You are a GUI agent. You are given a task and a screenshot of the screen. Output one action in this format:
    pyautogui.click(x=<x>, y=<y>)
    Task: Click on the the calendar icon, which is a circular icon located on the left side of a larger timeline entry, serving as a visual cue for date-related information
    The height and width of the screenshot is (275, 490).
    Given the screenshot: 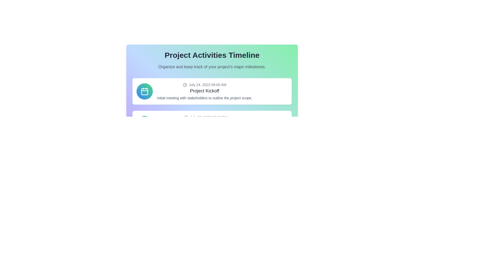 What is the action you would take?
    pyautogui.click(x=144, y=91)
    